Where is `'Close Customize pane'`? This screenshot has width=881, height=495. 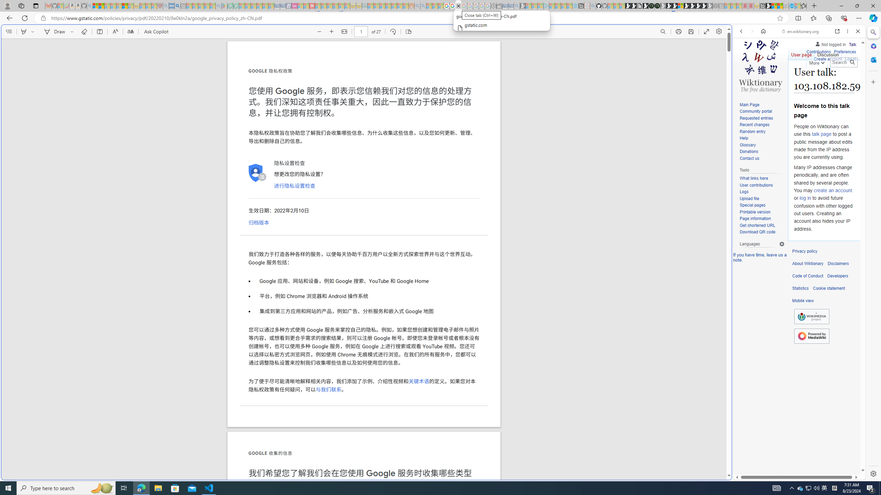 'Close Customize pane' is located at coordinates (872, 81).